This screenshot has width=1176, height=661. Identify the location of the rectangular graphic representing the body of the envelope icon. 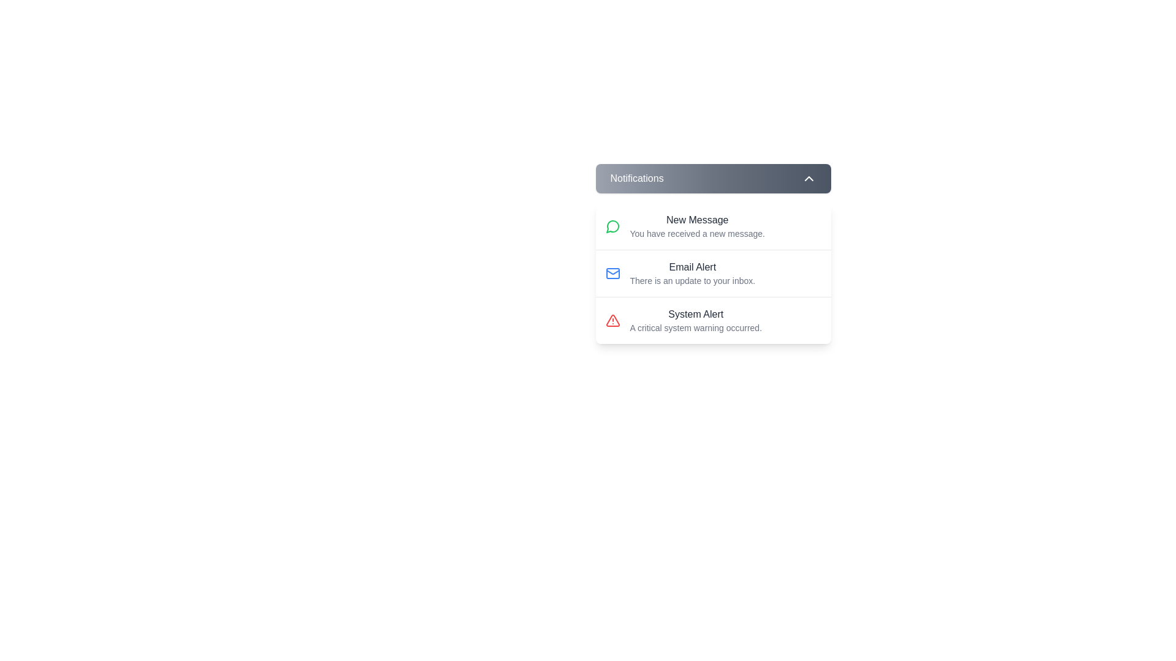
(612, 273).